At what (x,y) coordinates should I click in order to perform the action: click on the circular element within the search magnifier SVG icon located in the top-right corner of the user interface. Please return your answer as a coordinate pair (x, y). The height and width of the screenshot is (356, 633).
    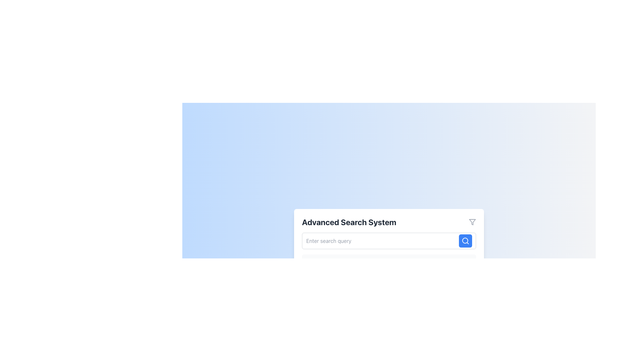
    Looking at the image, I should click on (465, 240).